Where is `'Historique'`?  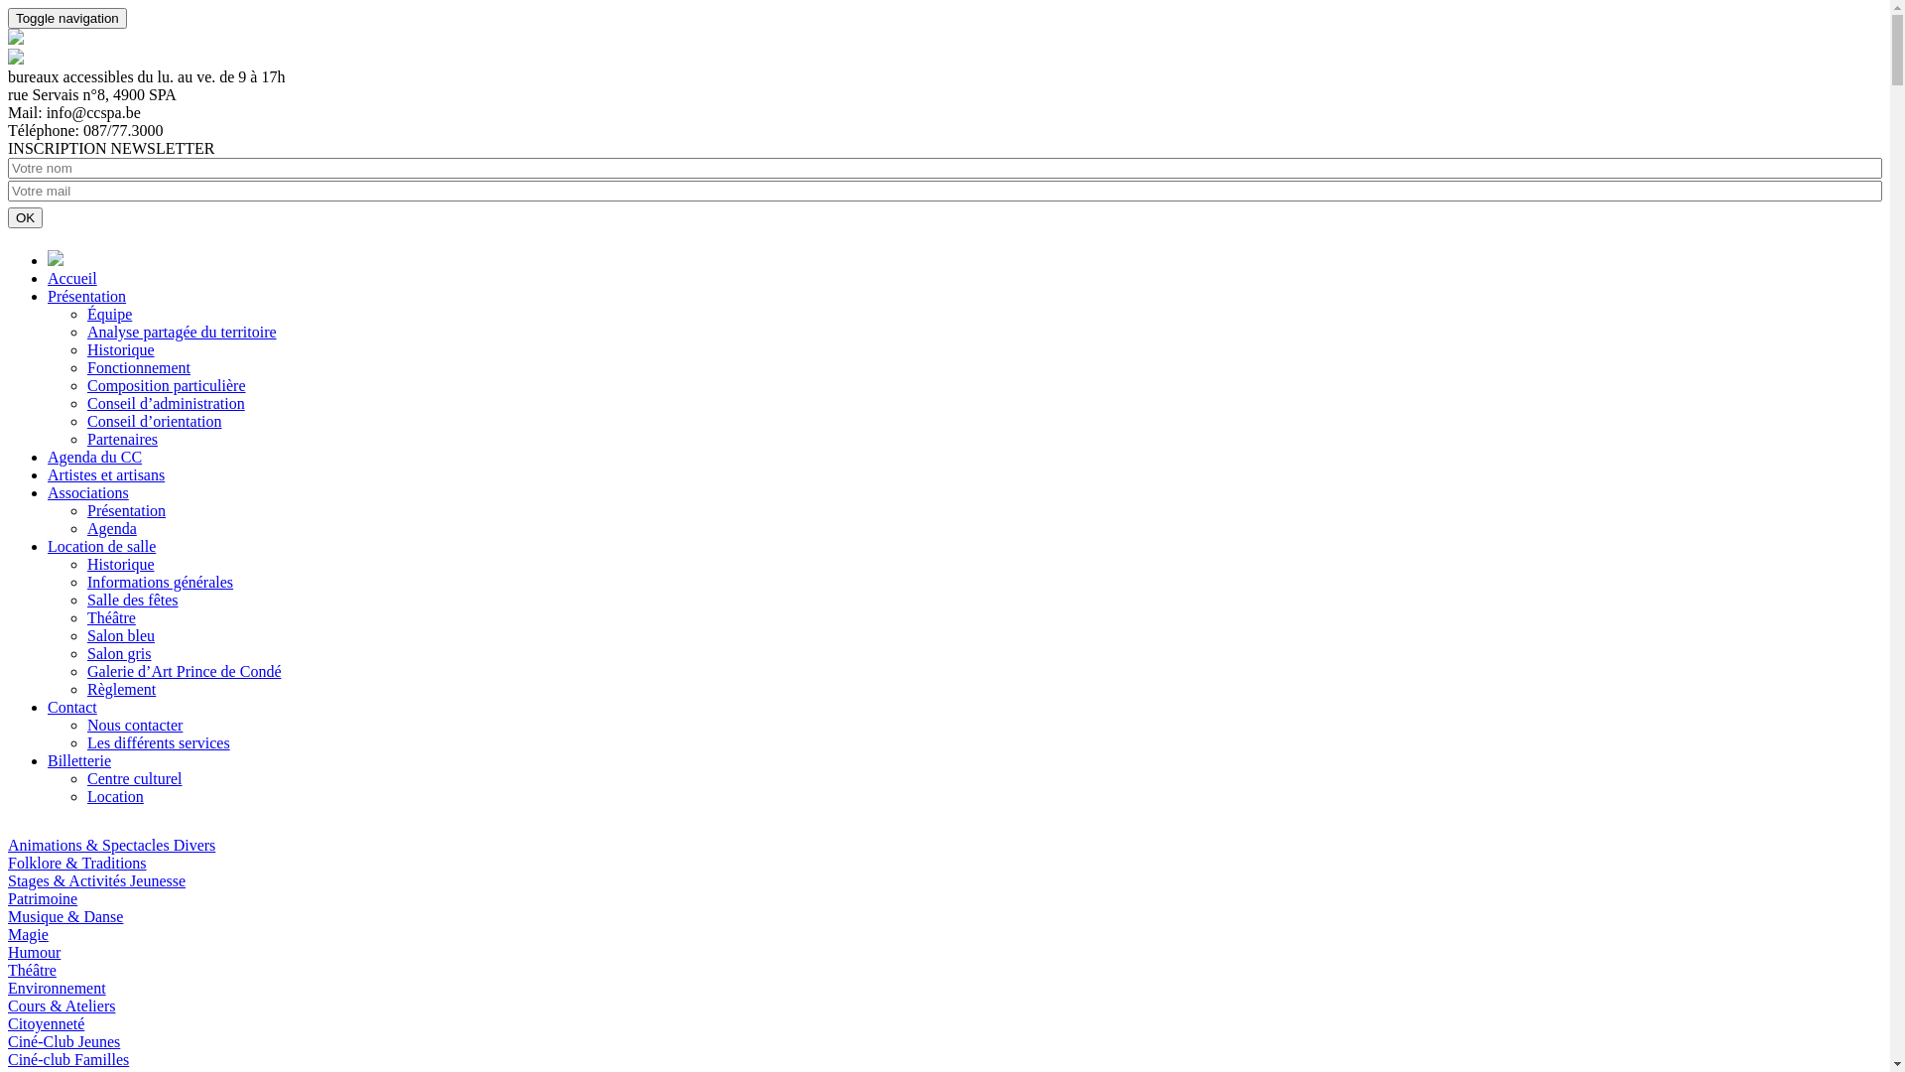 'Historique' is located at coordinates (119, 348).